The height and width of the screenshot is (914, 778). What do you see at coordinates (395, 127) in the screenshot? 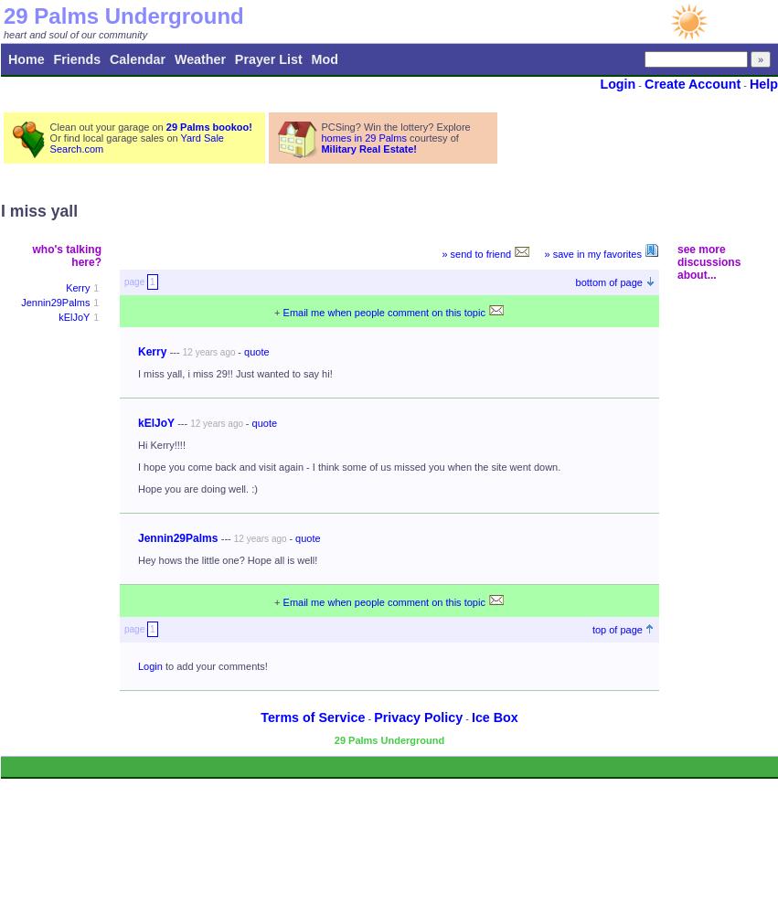
I see `'PCSing?  Win the lottery?  Explore'` at bounding box center [395, 127].